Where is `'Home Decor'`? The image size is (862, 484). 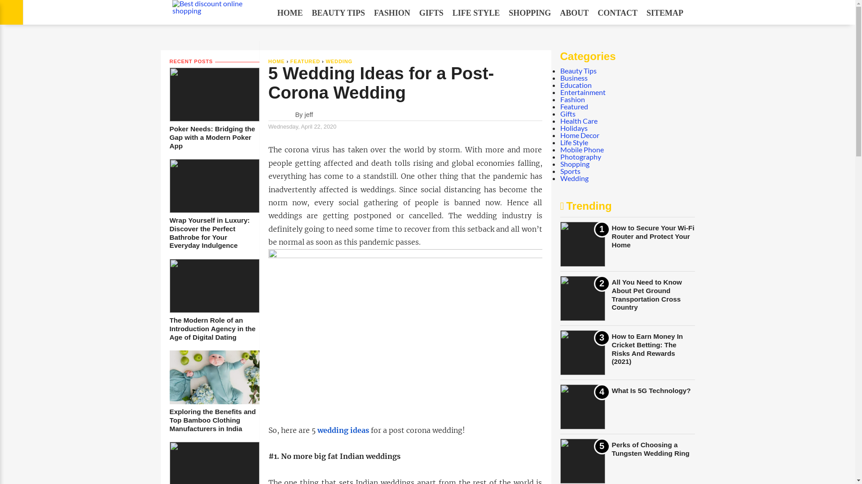 'Home Decor' is located at coordinates (580, 135).